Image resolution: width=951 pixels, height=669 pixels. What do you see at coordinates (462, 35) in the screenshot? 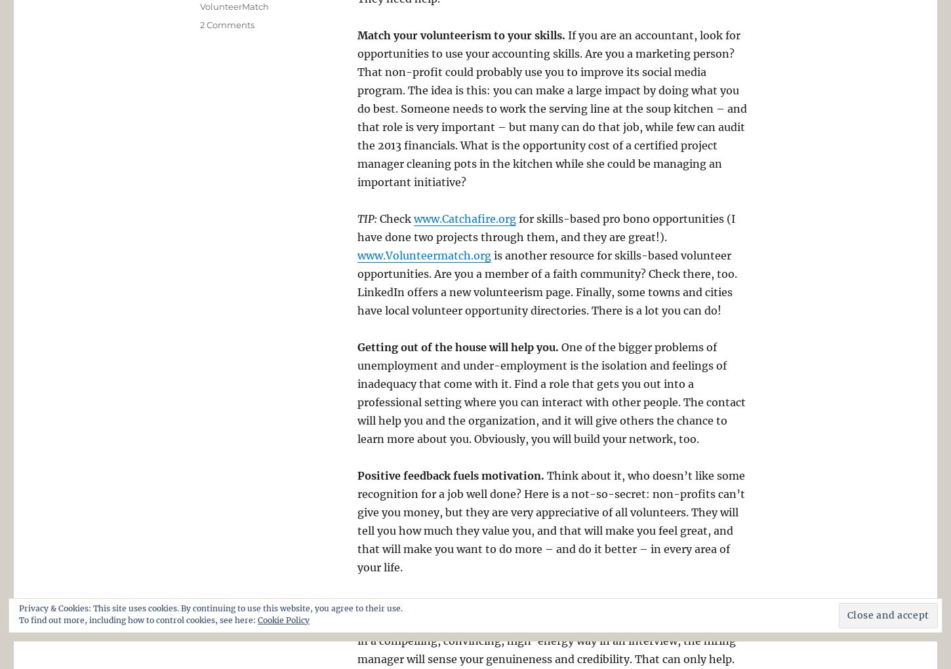
I see `'Match your volunteerism to your skills.'` at bounding box center [462, 35].